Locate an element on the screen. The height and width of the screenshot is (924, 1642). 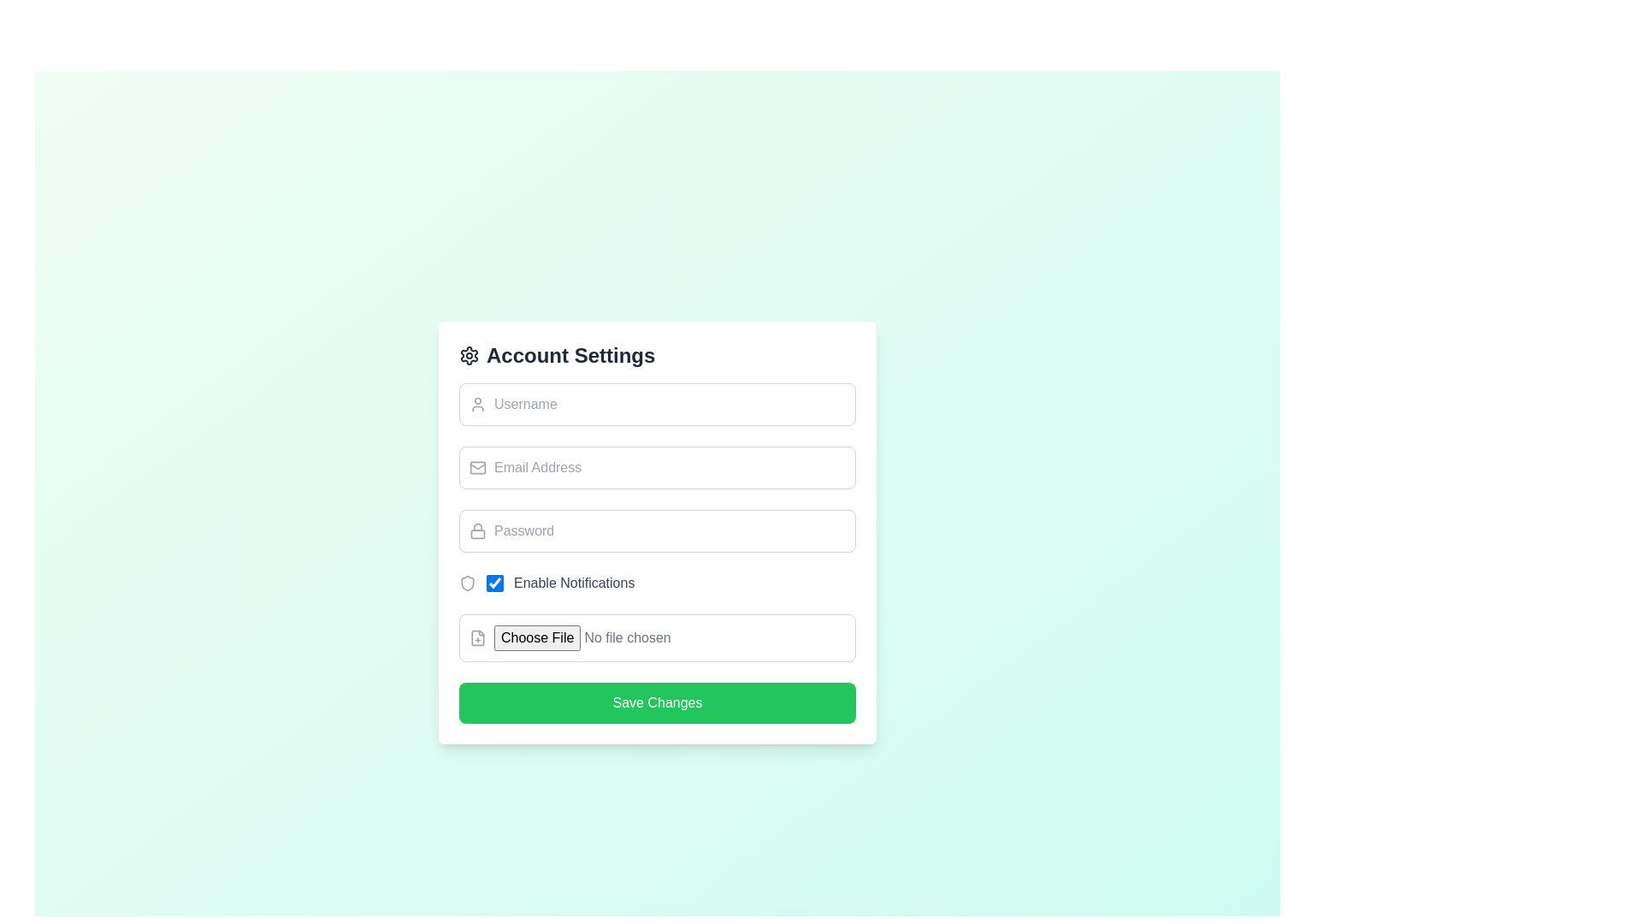
the settings icon located near the top-left corner of the settings panel, adjacent to the title 'Account Settings' is located at coordinates (469, 355).